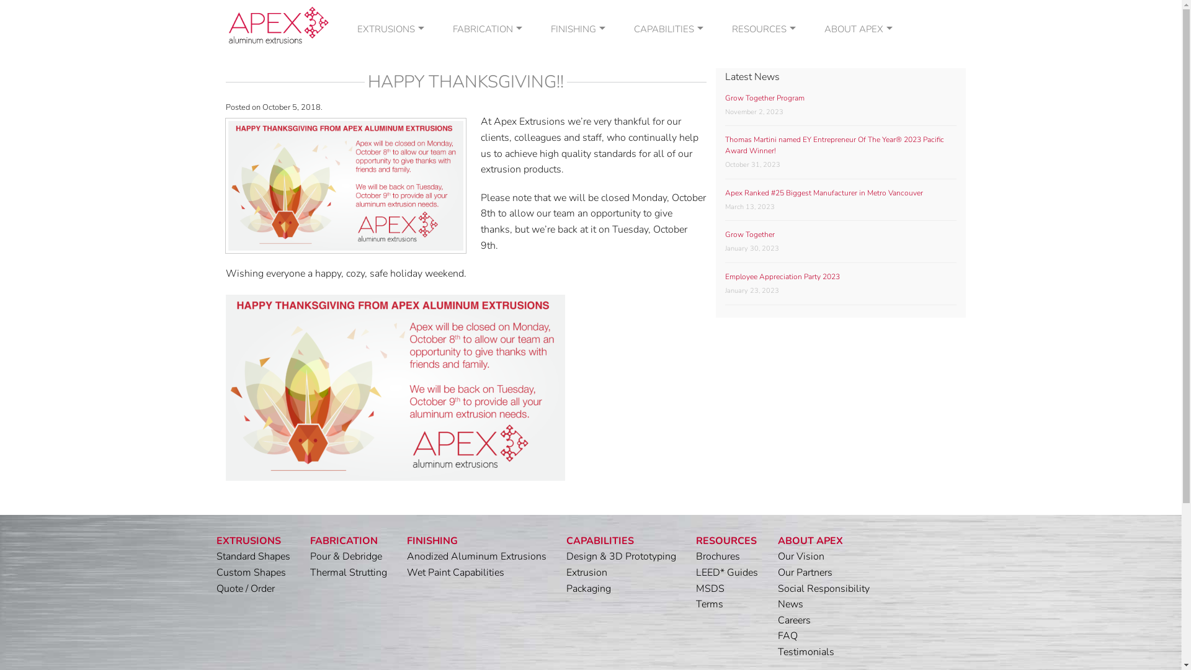  Describe the element at coordinates (857, 29) in the screenshot. I see `'ABOUT APEX'` at that location.